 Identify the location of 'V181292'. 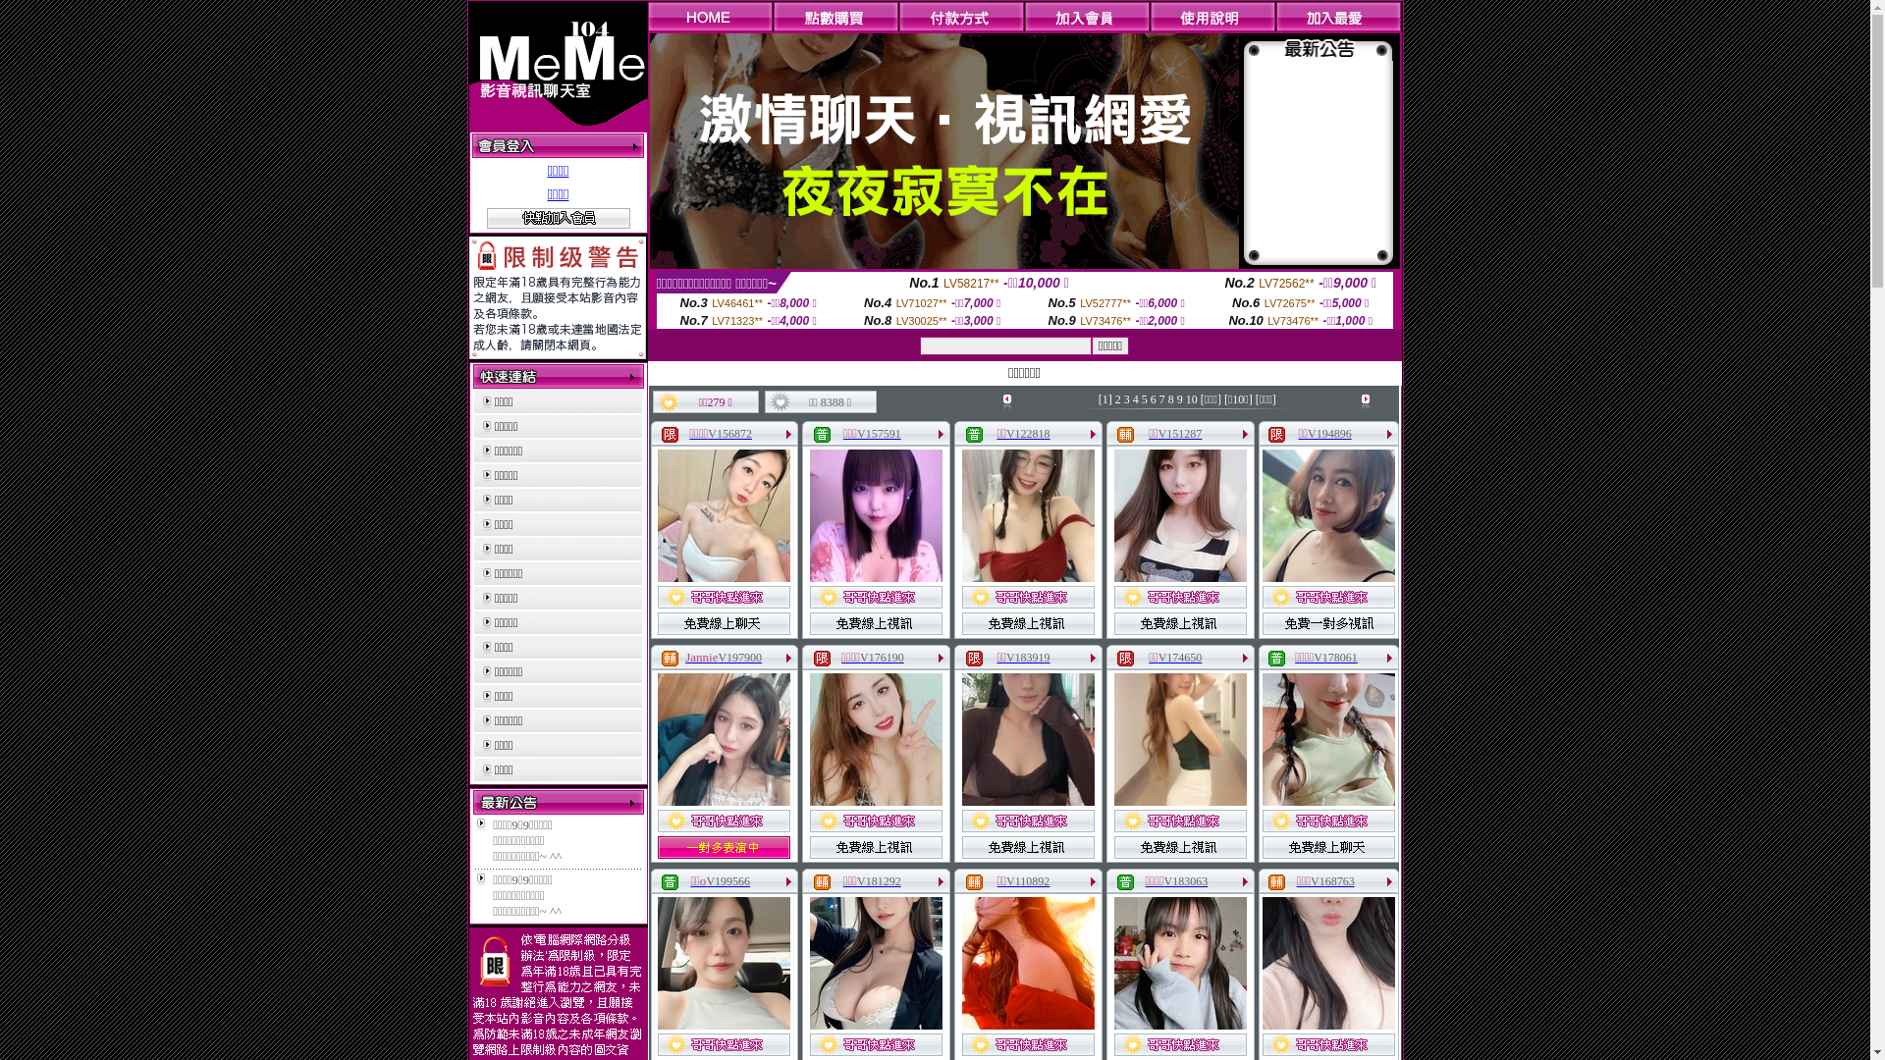
(878, 880).